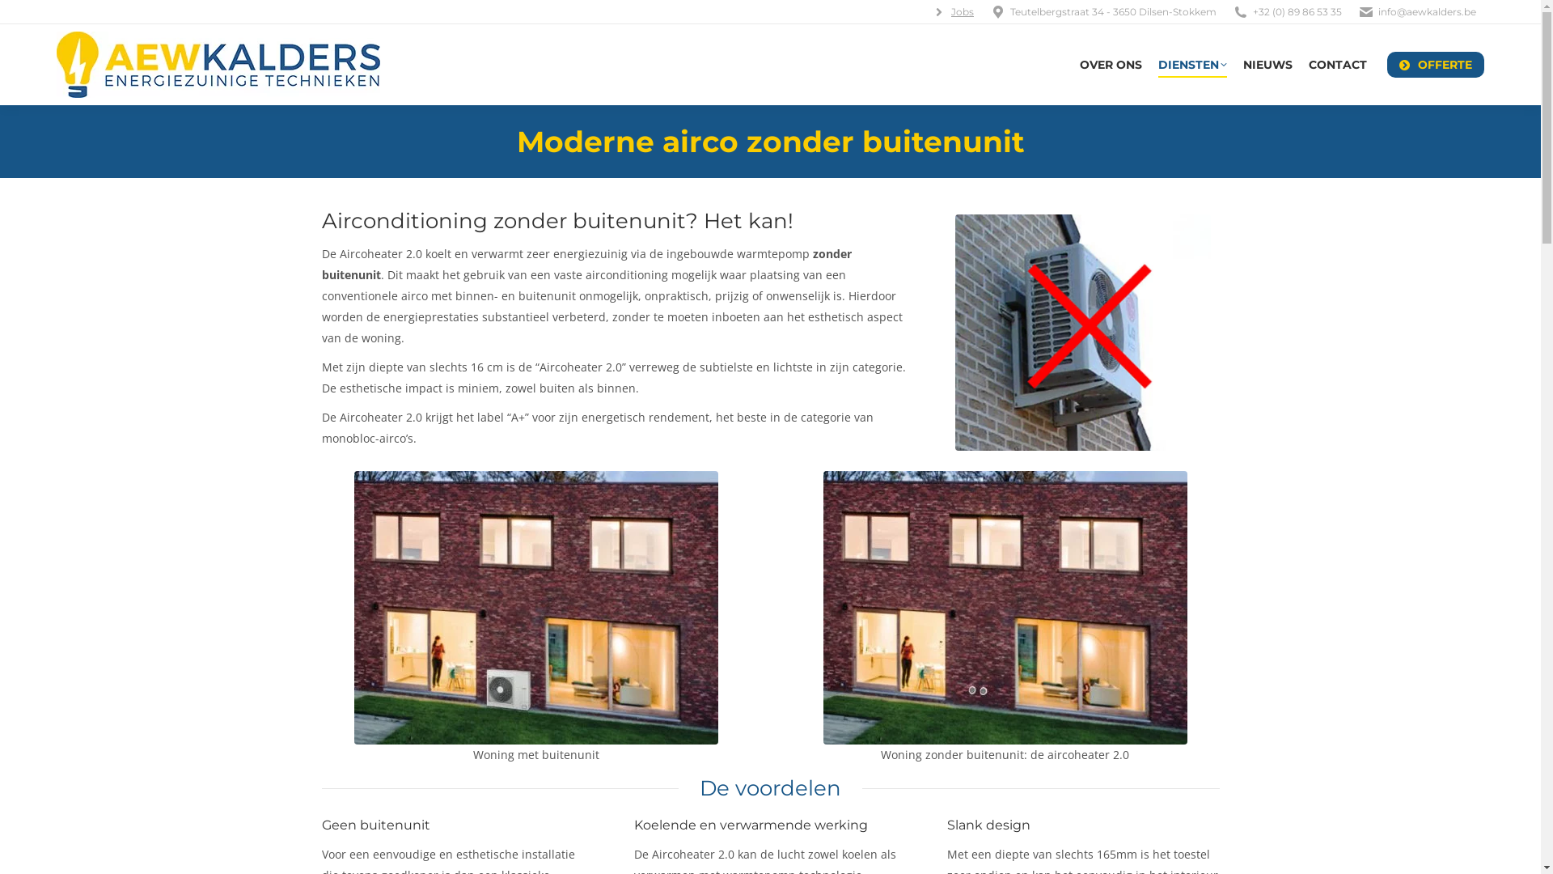 This screenshot has height=874, width=1553. Describe the element at coordinates (1267, 64) in the screenshot. I see `'NIEUWS'` at that location.